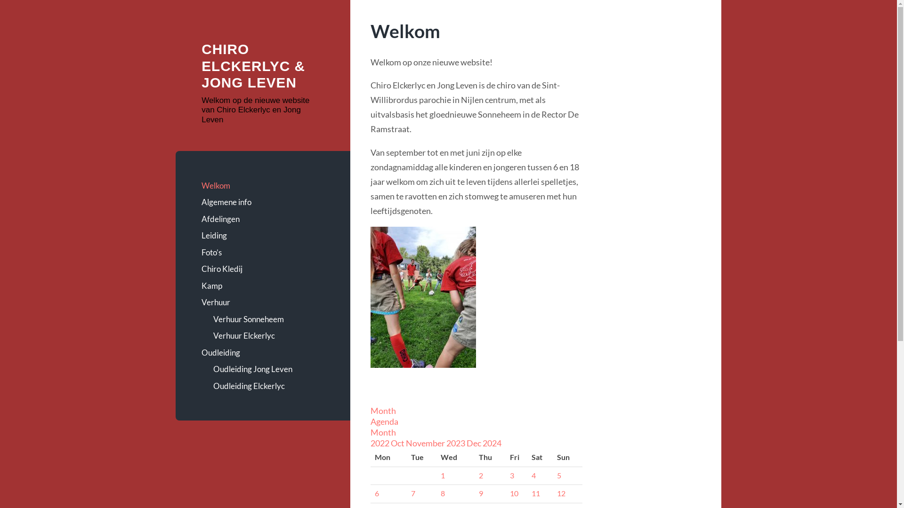 This screenshot has width=904, height=508. What do you see at coordinates (268, 369) in the screenshot?
I see `'Oudleiding Jong Leven'` at bounding box center [268, 369].